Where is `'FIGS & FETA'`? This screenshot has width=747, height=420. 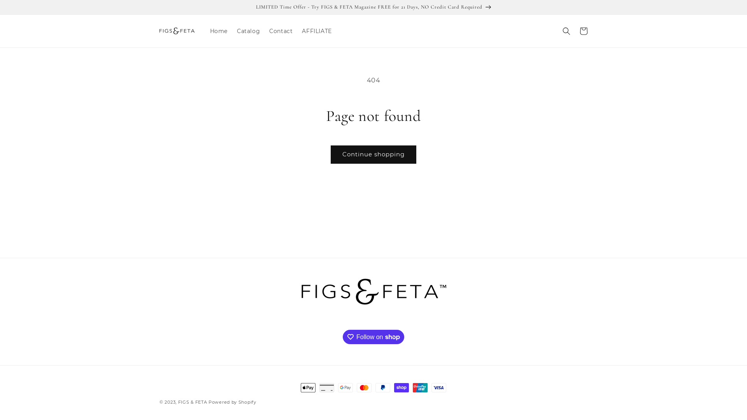
'FIGS & FETA' is located at coordinates (193, 402).